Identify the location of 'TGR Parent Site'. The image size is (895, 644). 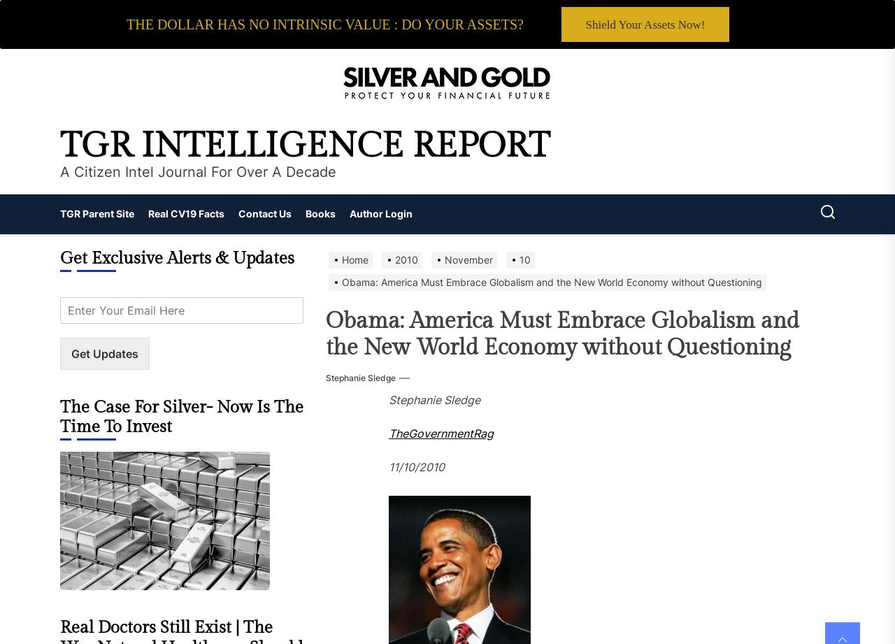
(59, 213).